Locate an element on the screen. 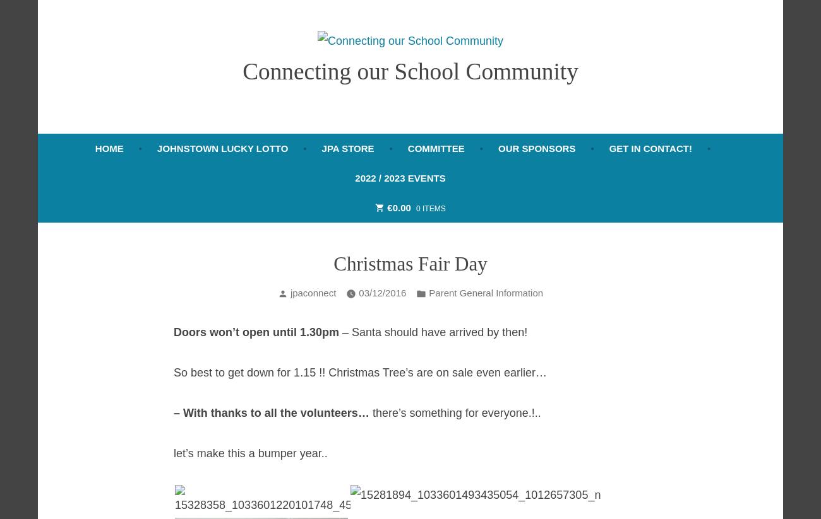 Image resolution: width=821 pixels, height=519 pixels. 'jpaconnect' is located at coordinates (313, 292).